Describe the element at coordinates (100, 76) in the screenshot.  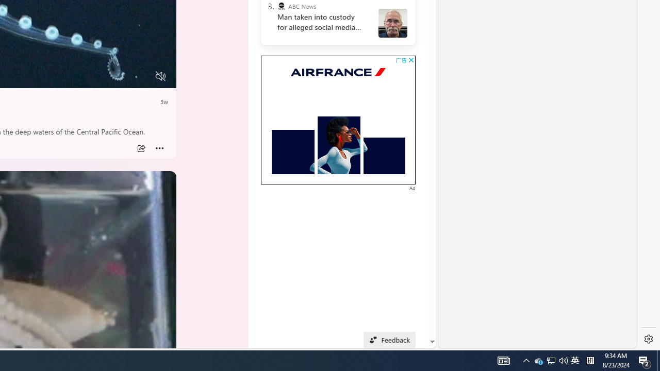
I see `'Quality Settings'` at that location.